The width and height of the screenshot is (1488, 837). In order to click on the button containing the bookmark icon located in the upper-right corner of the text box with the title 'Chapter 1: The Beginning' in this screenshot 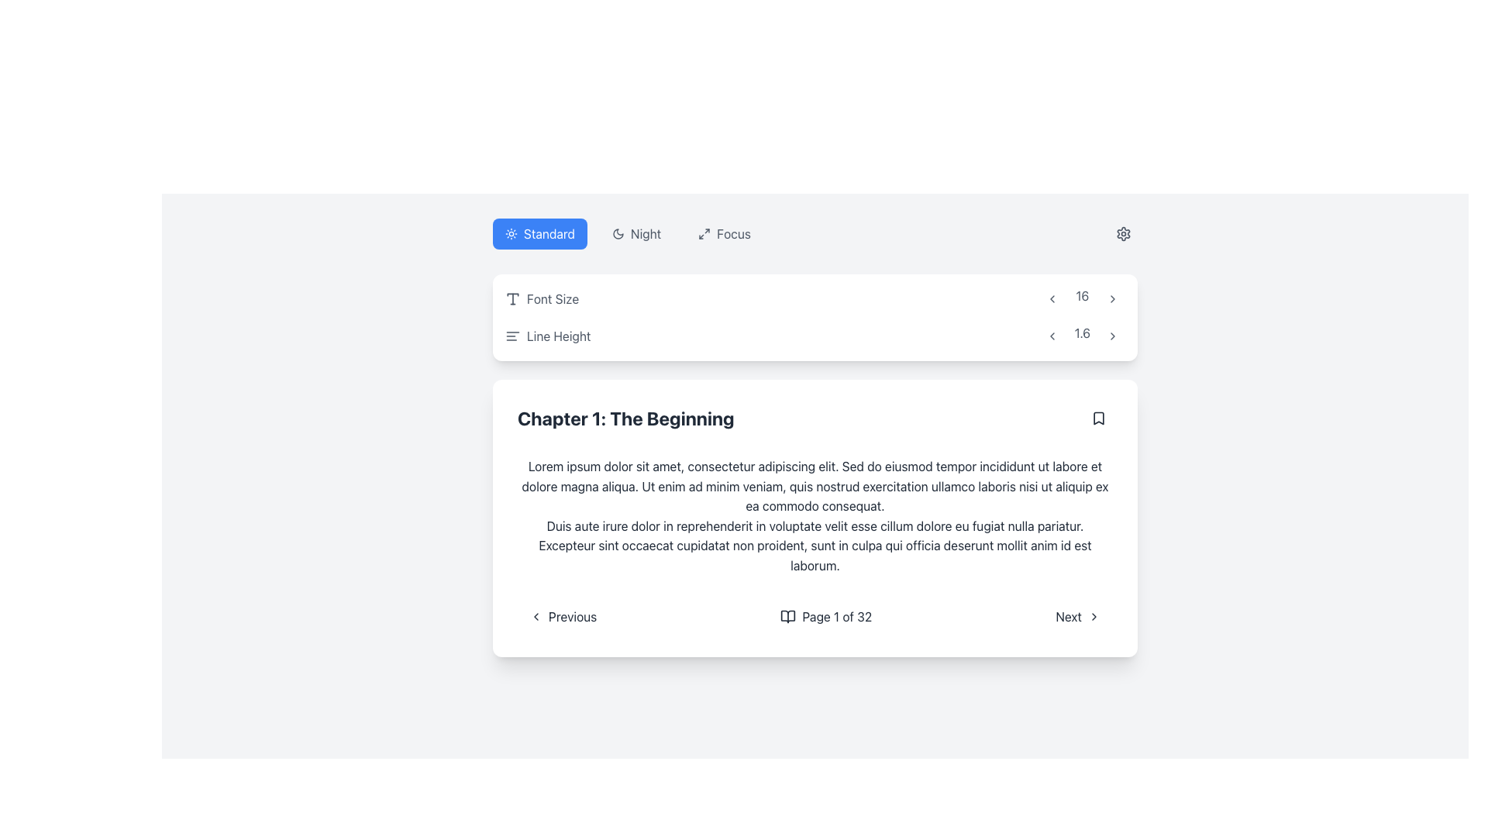, I will do `click(1097, 418)`.